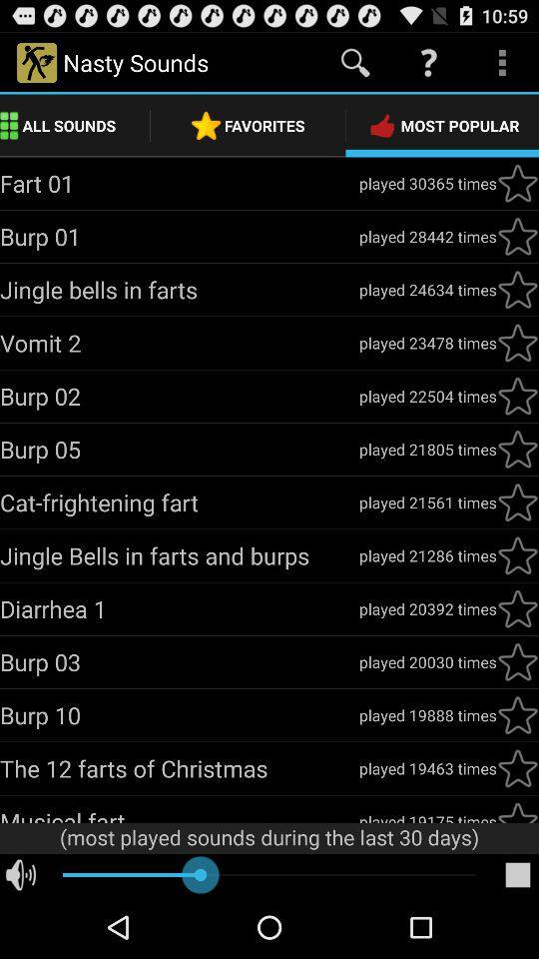  I want to click on favorite, so click(517, 450).